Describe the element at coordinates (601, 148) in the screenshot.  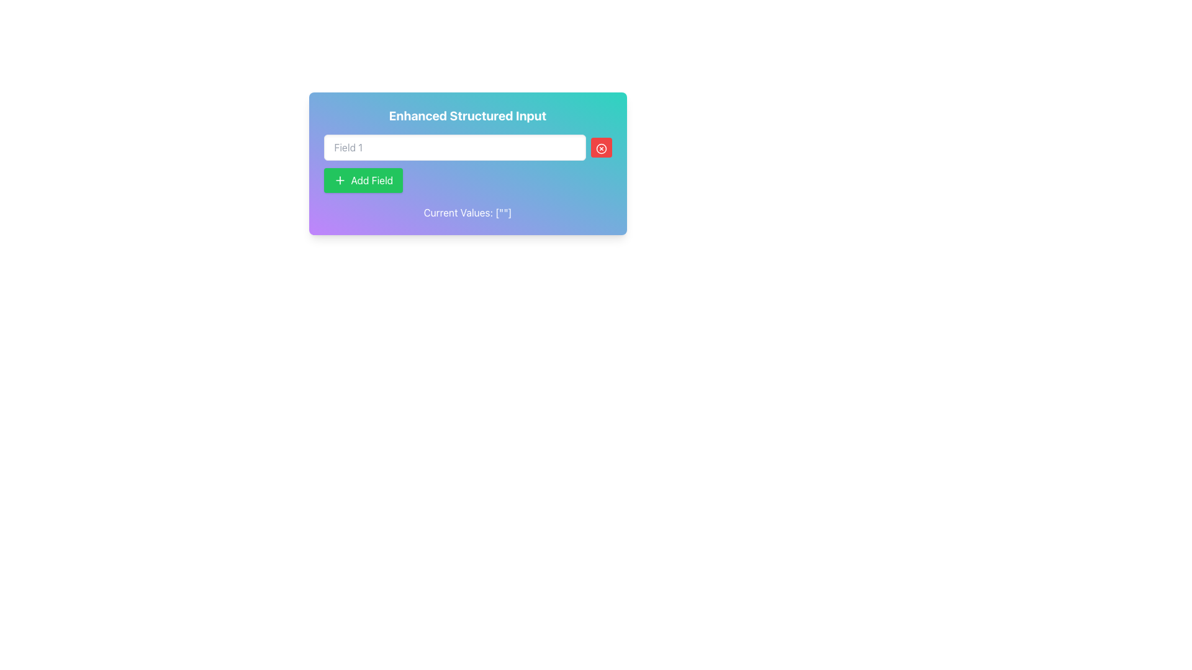
I see `the clear or delete icon located inside the red button at the top-right side of the user input form, adjacent to the text input box` at that location.